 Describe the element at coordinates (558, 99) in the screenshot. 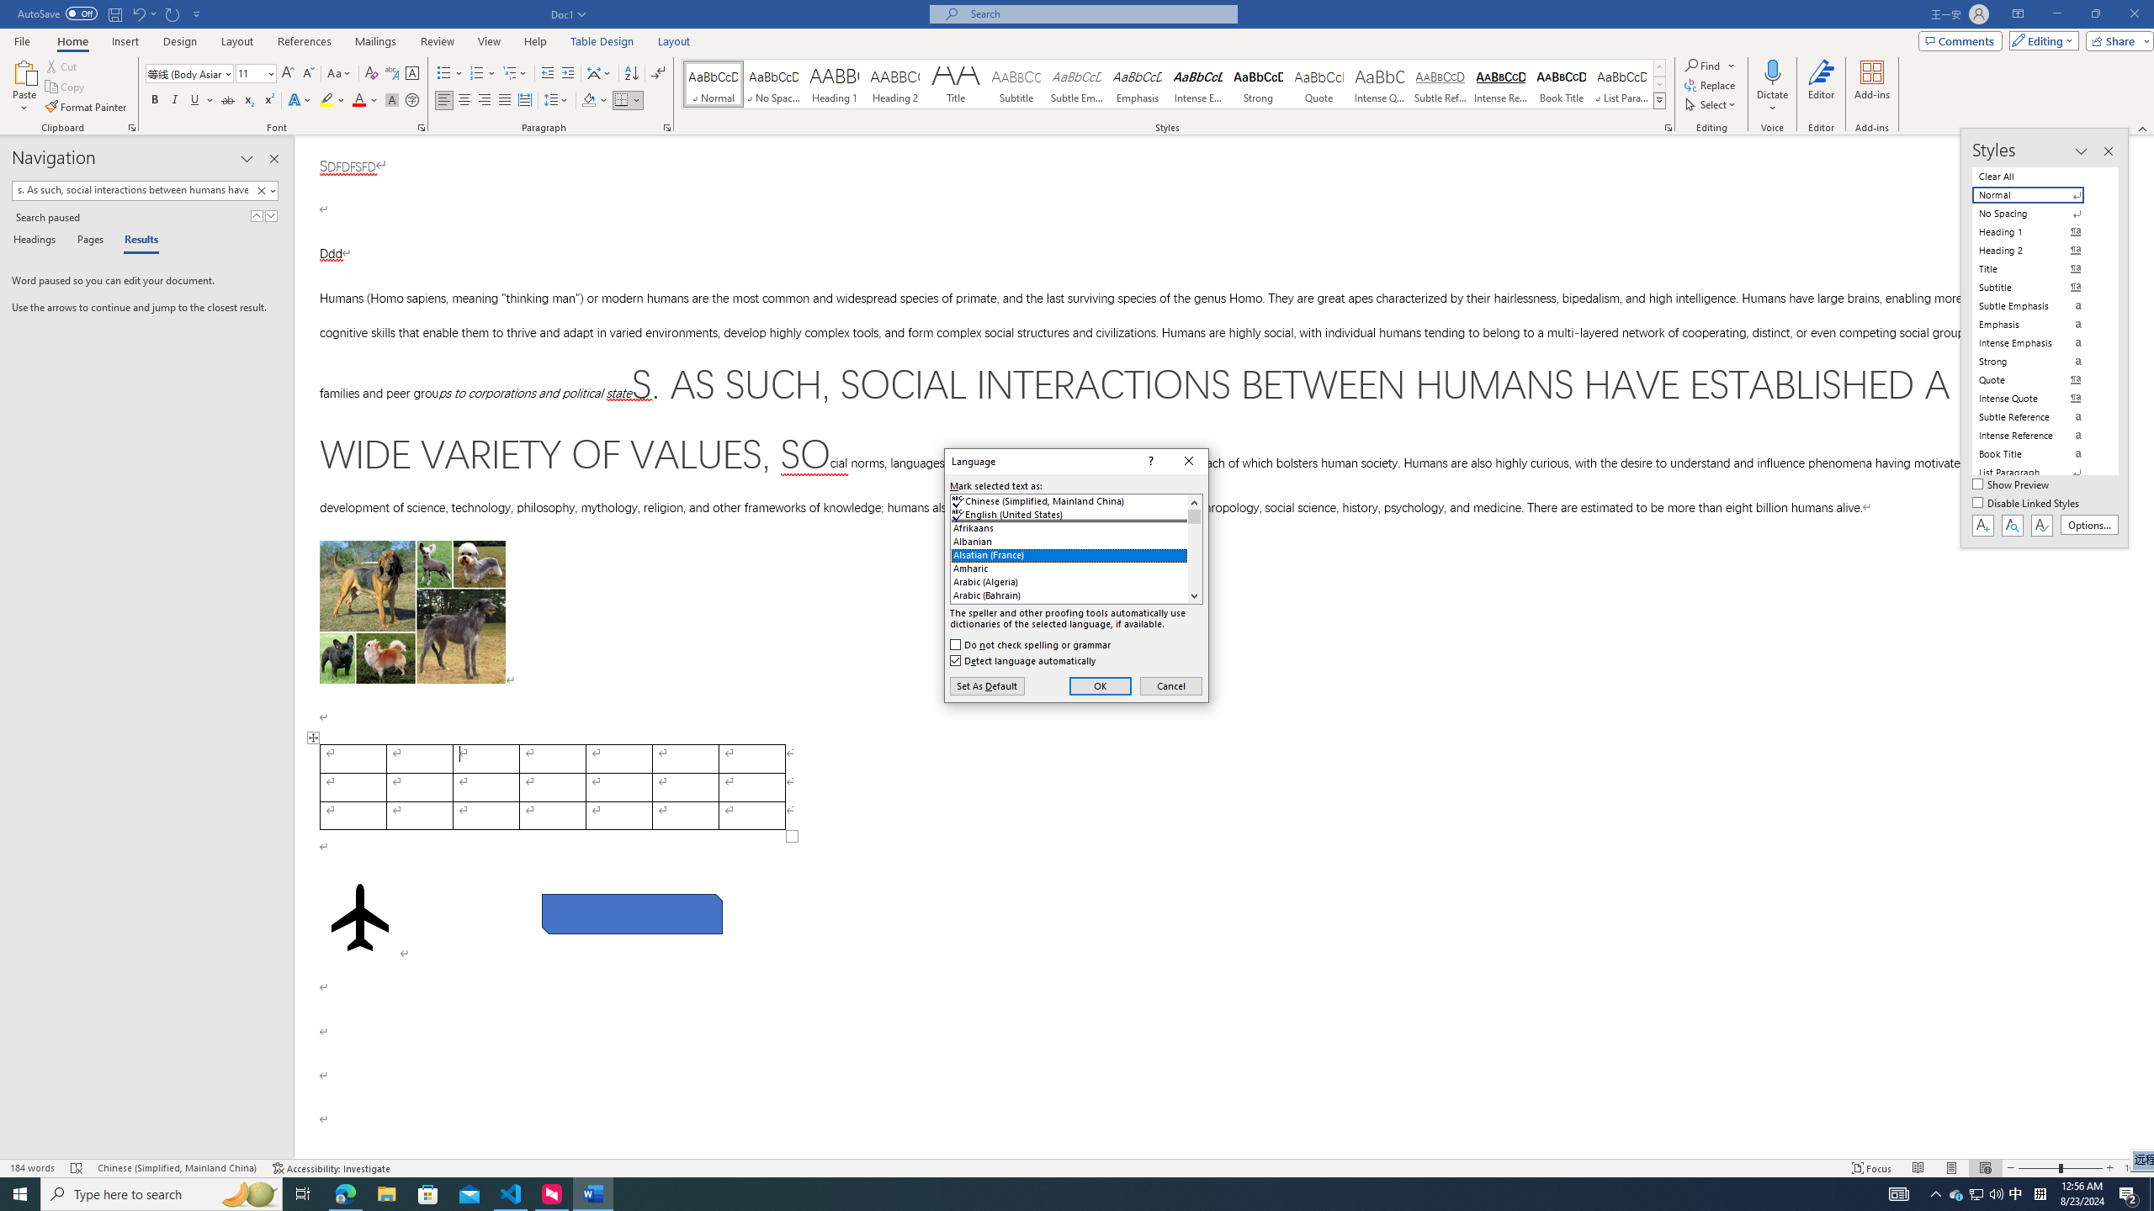

I see `'Line and Paragraph Spacing'` at that location.